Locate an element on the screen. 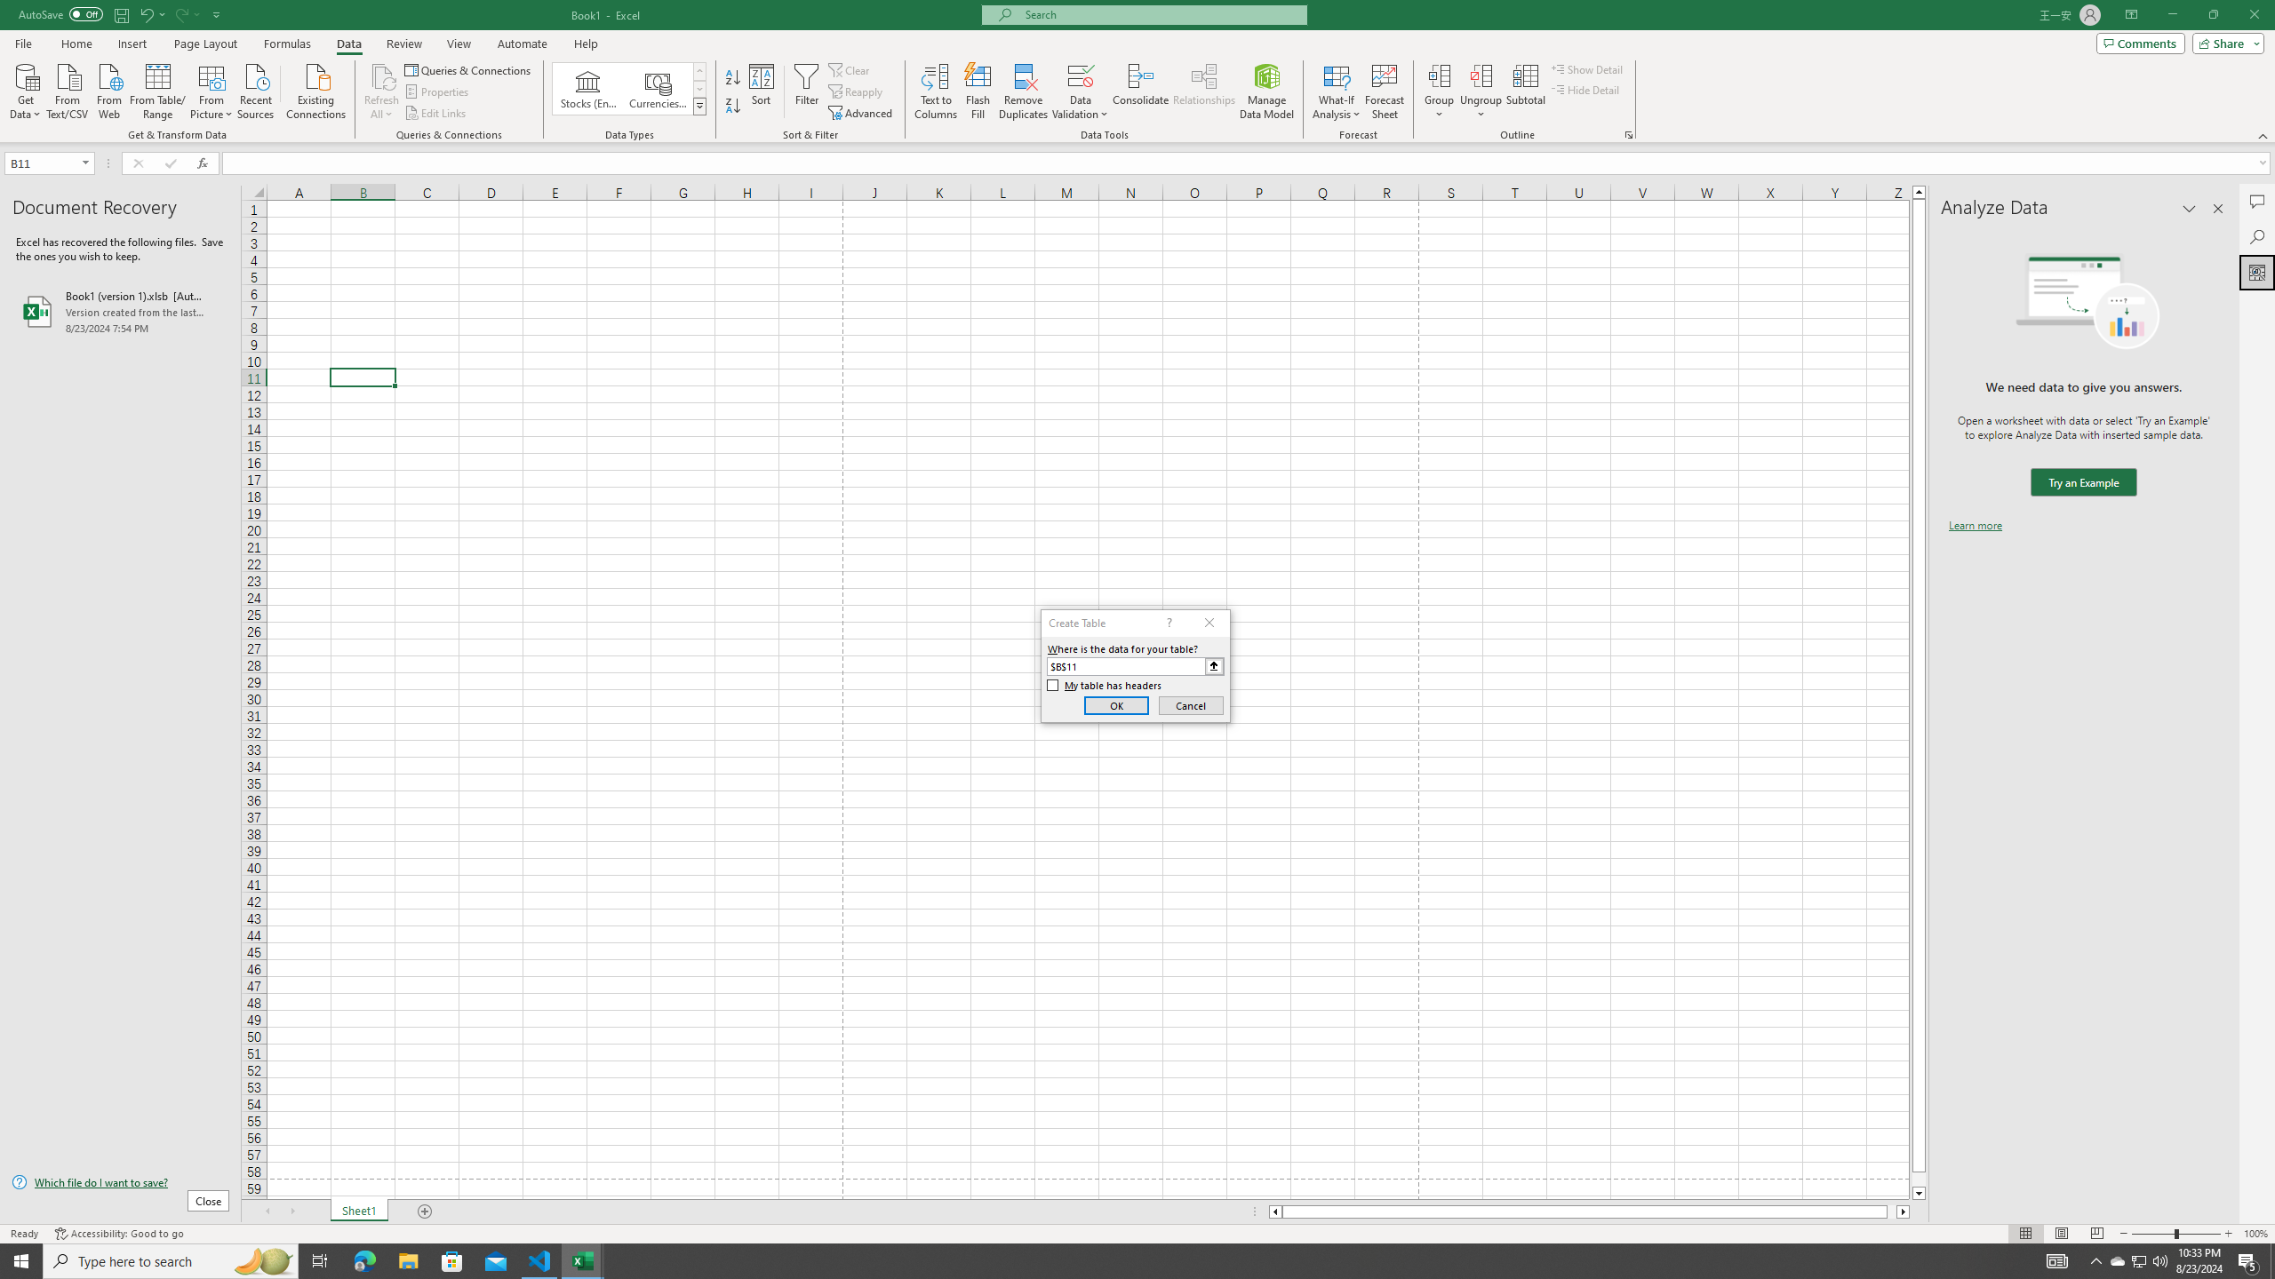 This screenshot has width=2275, height=1279. 'Clear' is located at coordinates (850, 69).